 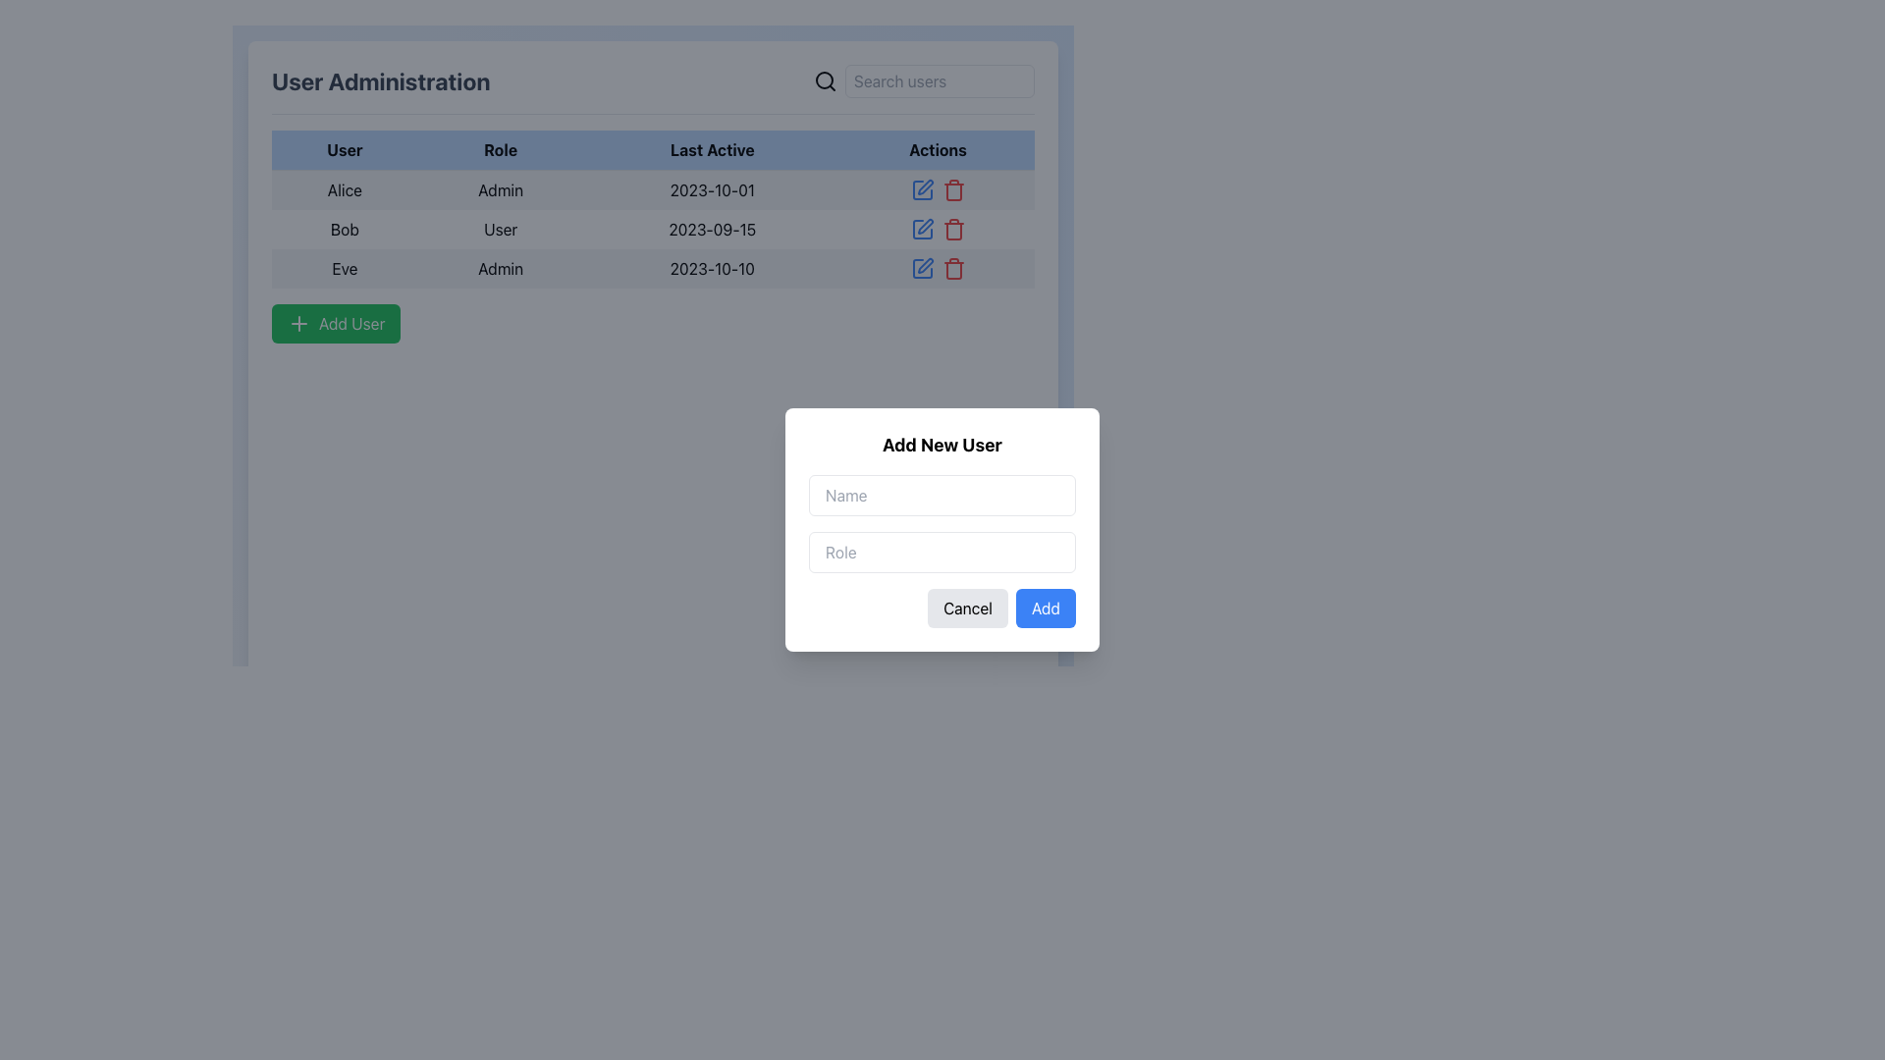 I want to click on the pen-shaped icon within the 'Actions' column of the user table associated with the entry labeled 'Eve', so click(x=924, y=265).